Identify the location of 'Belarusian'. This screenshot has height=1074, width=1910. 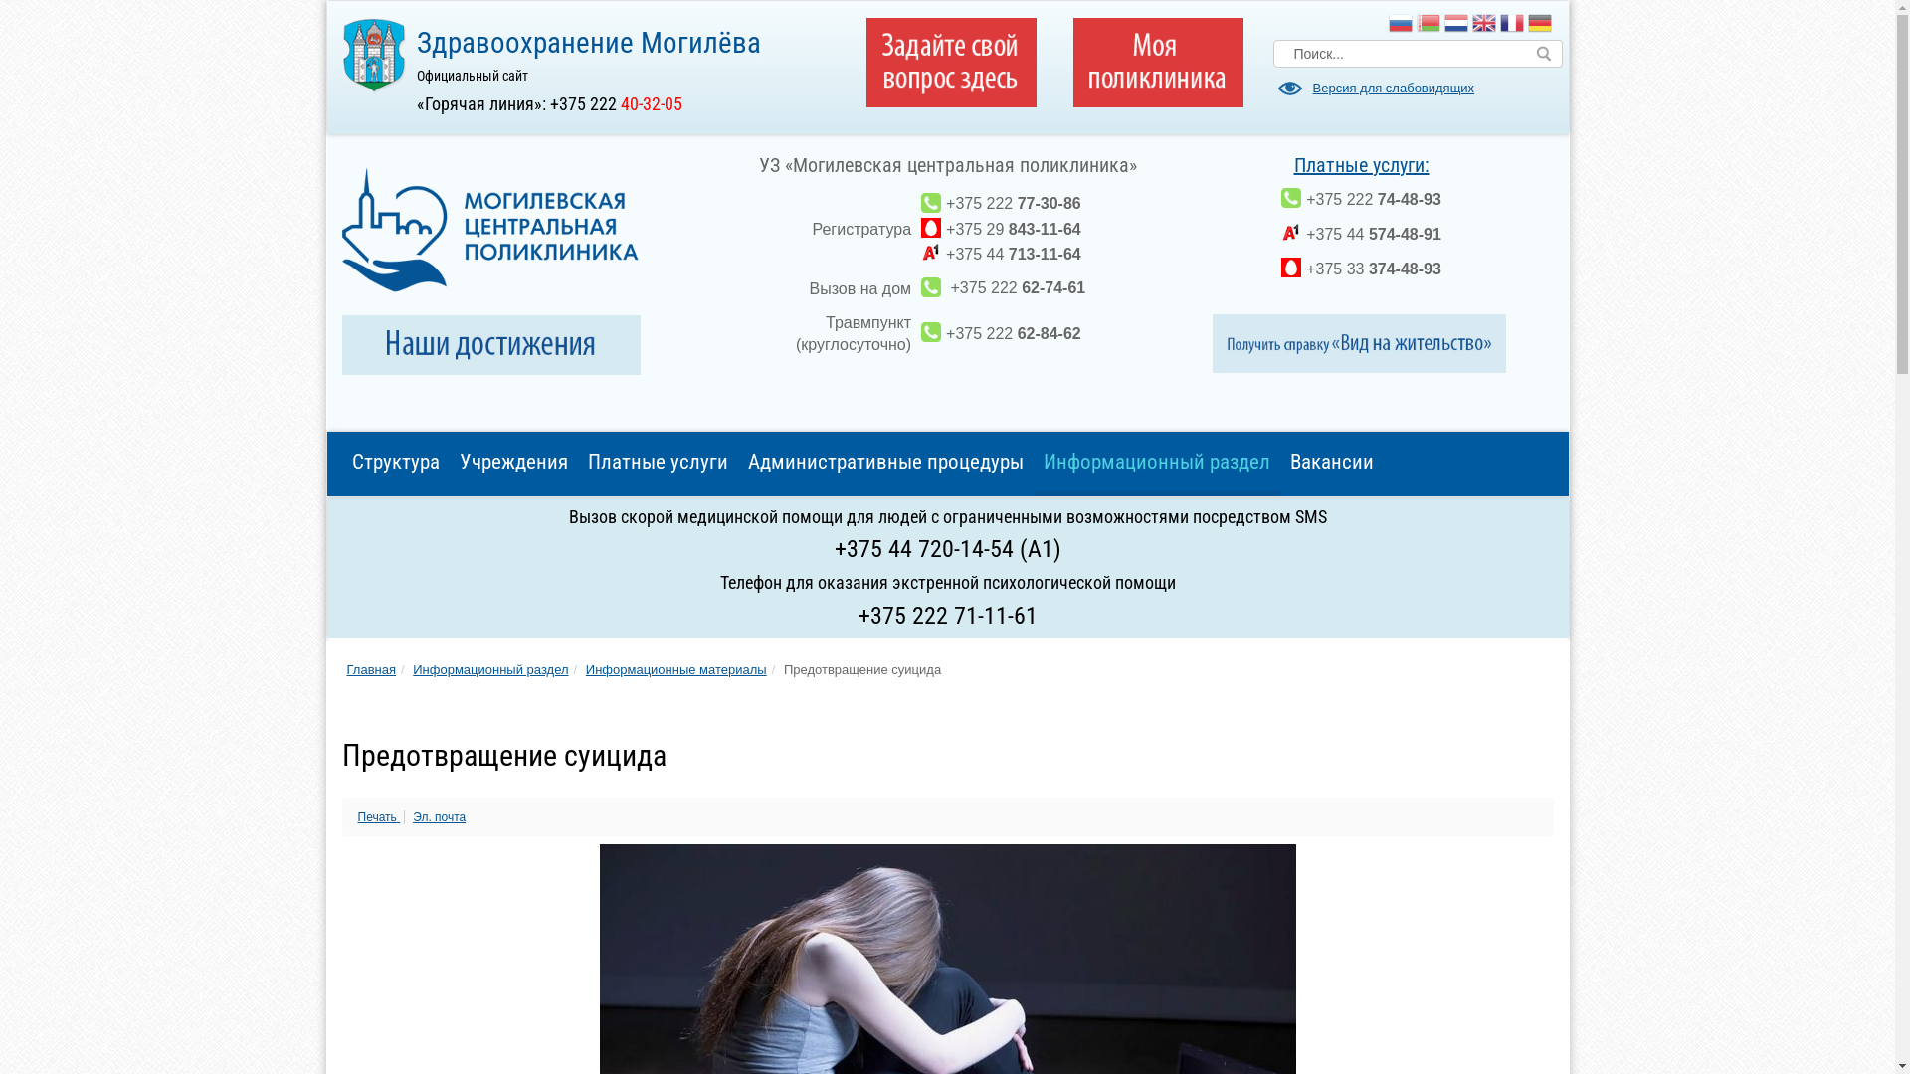
(1427, 23).